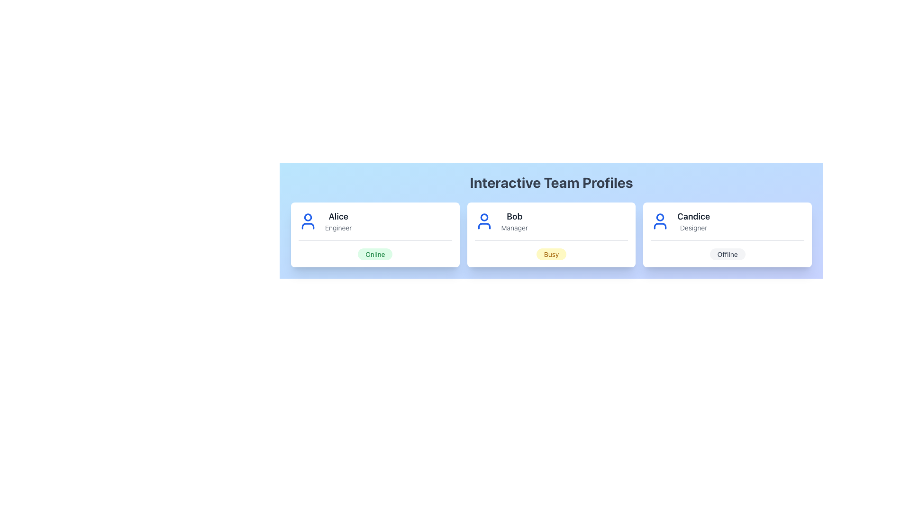 This screenshot has width=910, height=511. Describe the element at coordinates (514, 217) in the screenshot. I see `name 'Bob' displayed in the bold, dark gray text at the top of the second profile card, which is centrally positioned among three horizontally aligned profile cards` at that location.